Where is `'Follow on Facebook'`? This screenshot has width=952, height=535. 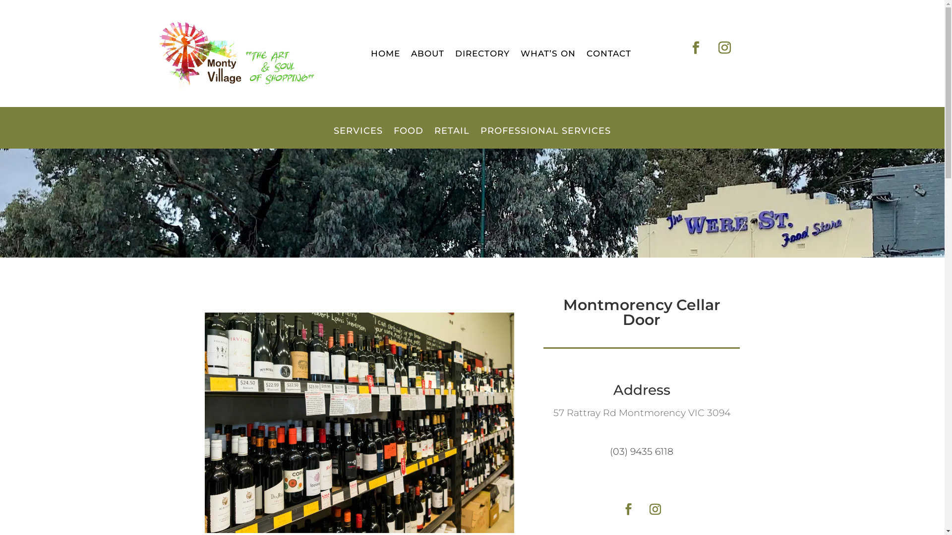 'Follow on Facebook' is located at coordinates (695, 48).